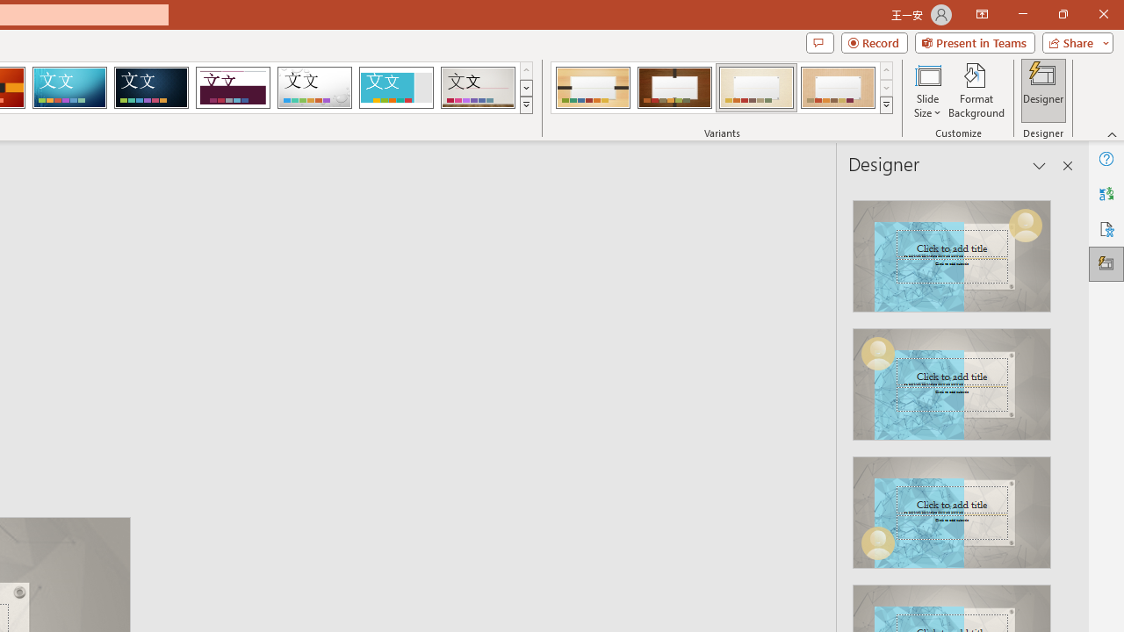 The image size is (1124, 632). What do you see at coordinates (756, 88) in the screenshot?
I see `'Organic Variant 3'` at bounding box center [756, 88].